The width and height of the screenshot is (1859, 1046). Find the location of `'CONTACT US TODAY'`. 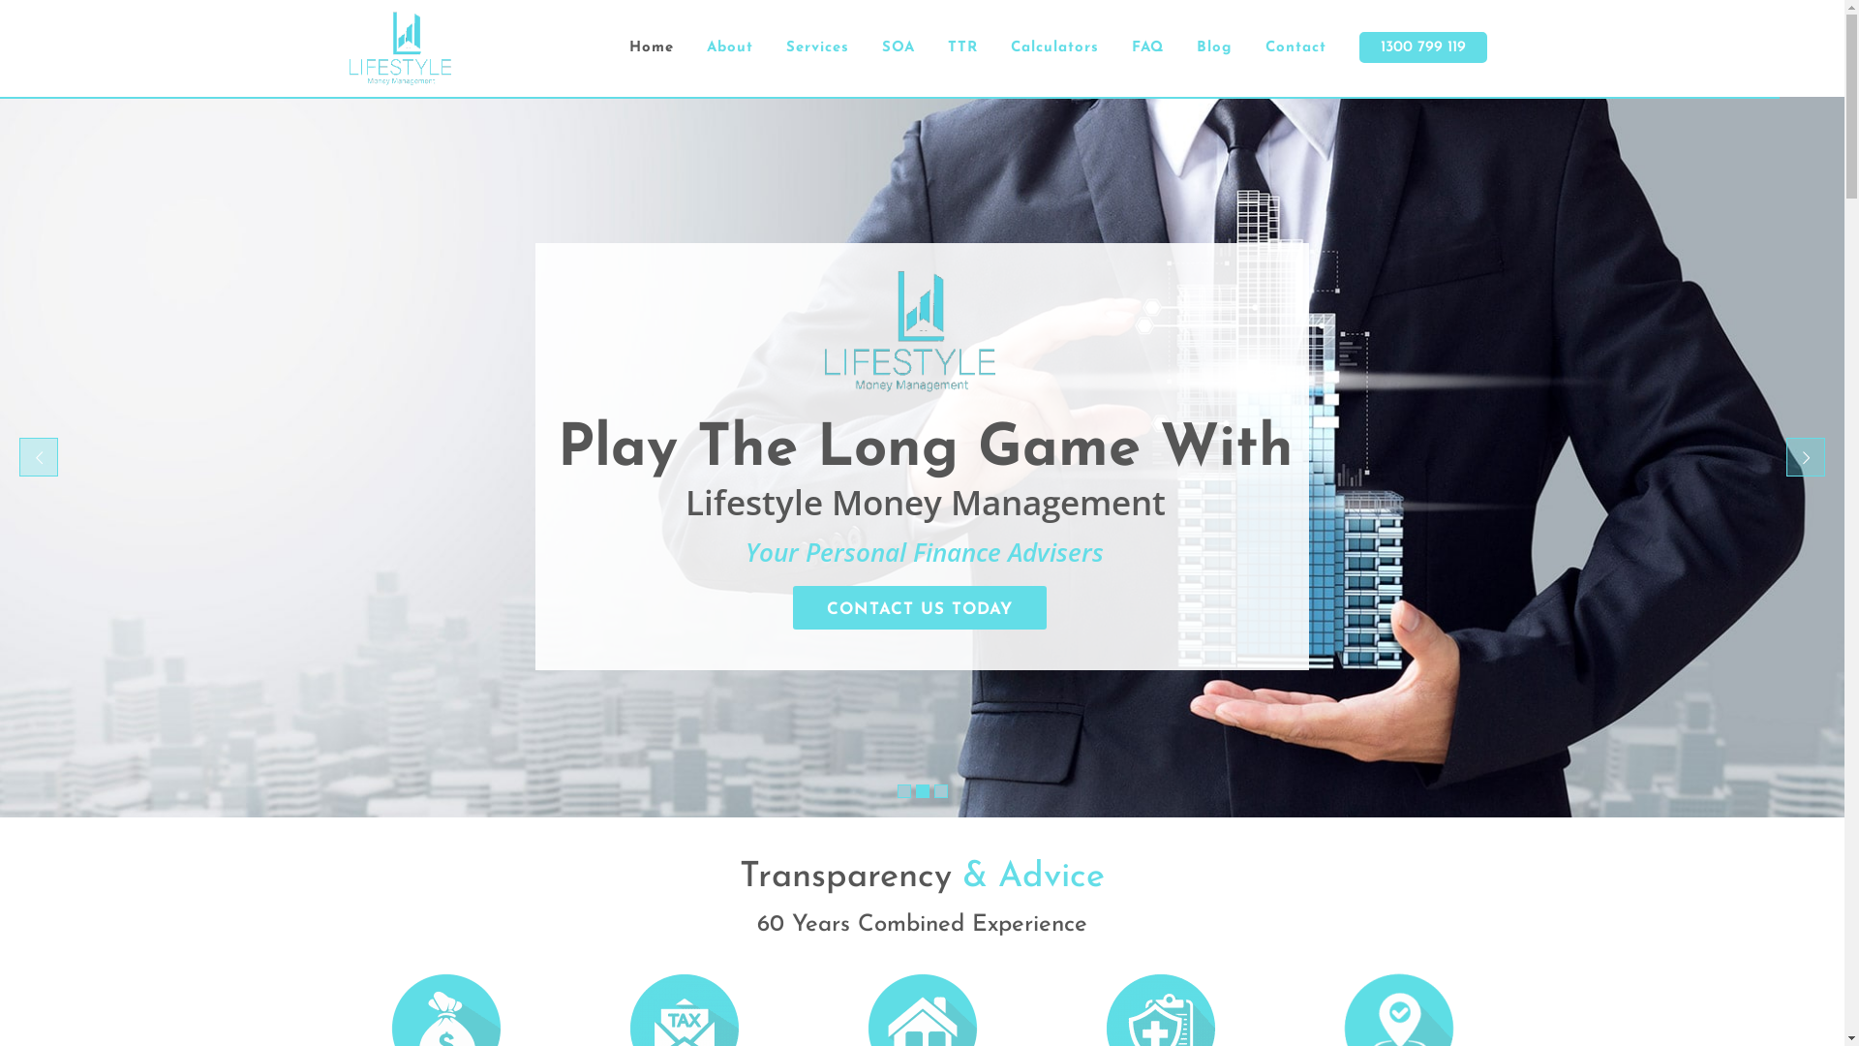

'CONTACT US TODAY' is located at coordinates (919, 606).